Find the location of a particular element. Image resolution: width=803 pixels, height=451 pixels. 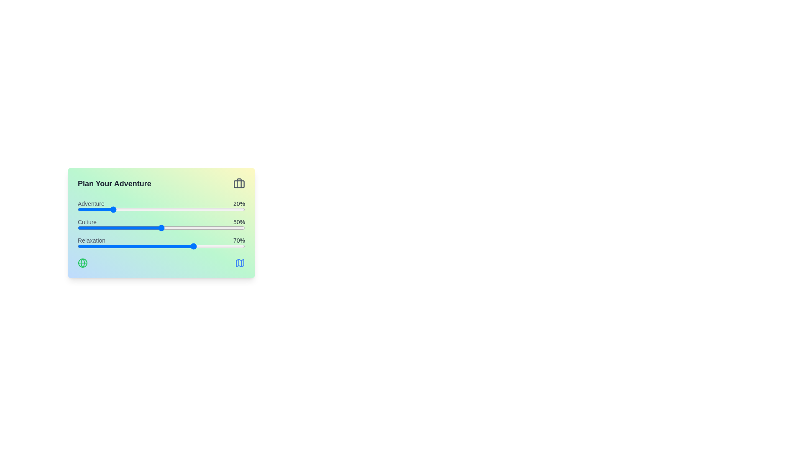

the 'Culture' slider to 16% is located at coordinates (104, 228).